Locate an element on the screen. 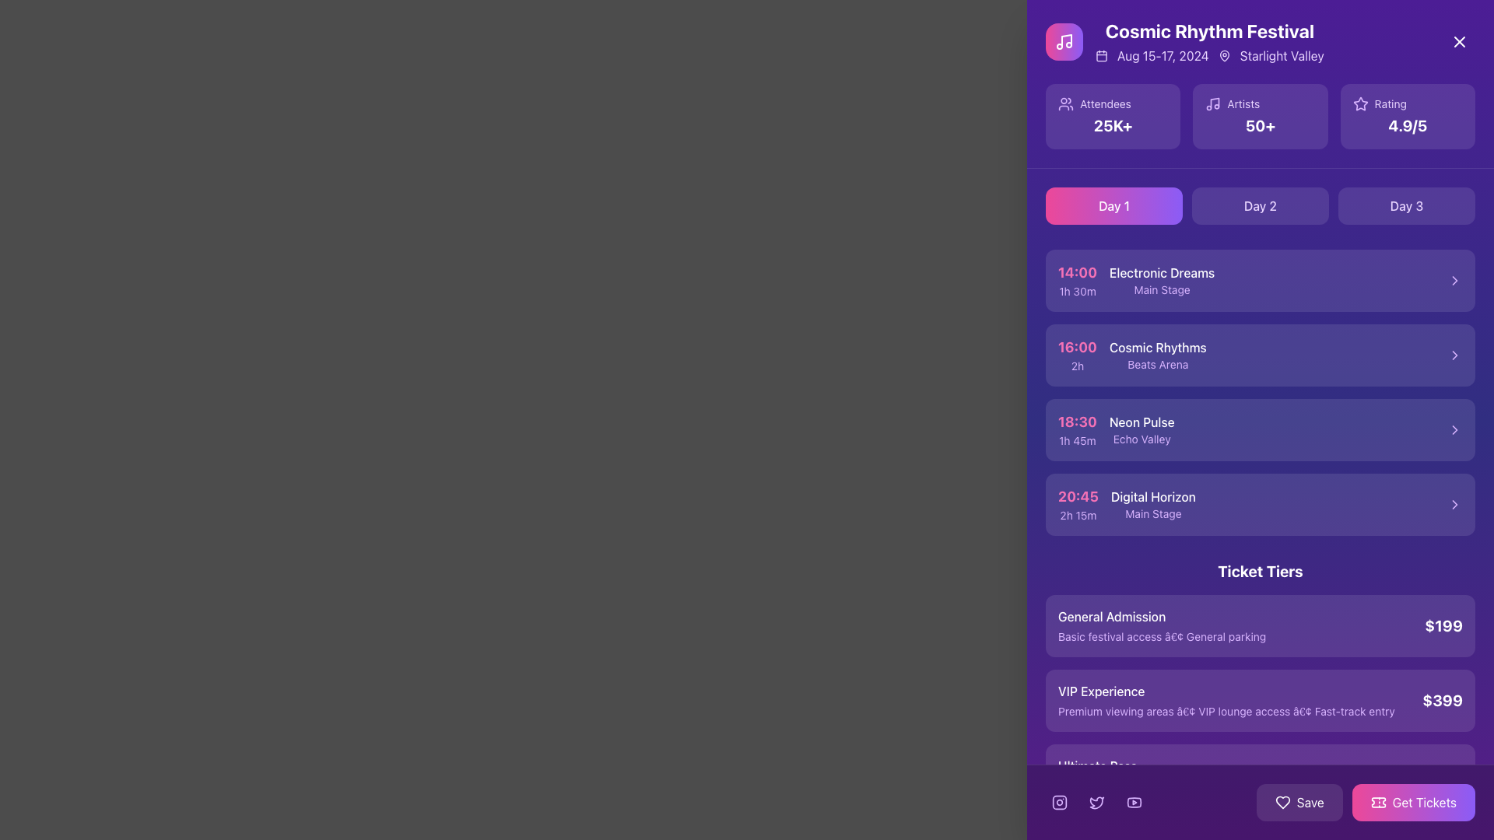 The height and width of the screenshot is (840, 1494). the text displaying '14:00' in bold, pink font, located at the top of the first event entry in the event schedule list, above the title 'Electronic Dreams' is located at coordinates (1076, 271).